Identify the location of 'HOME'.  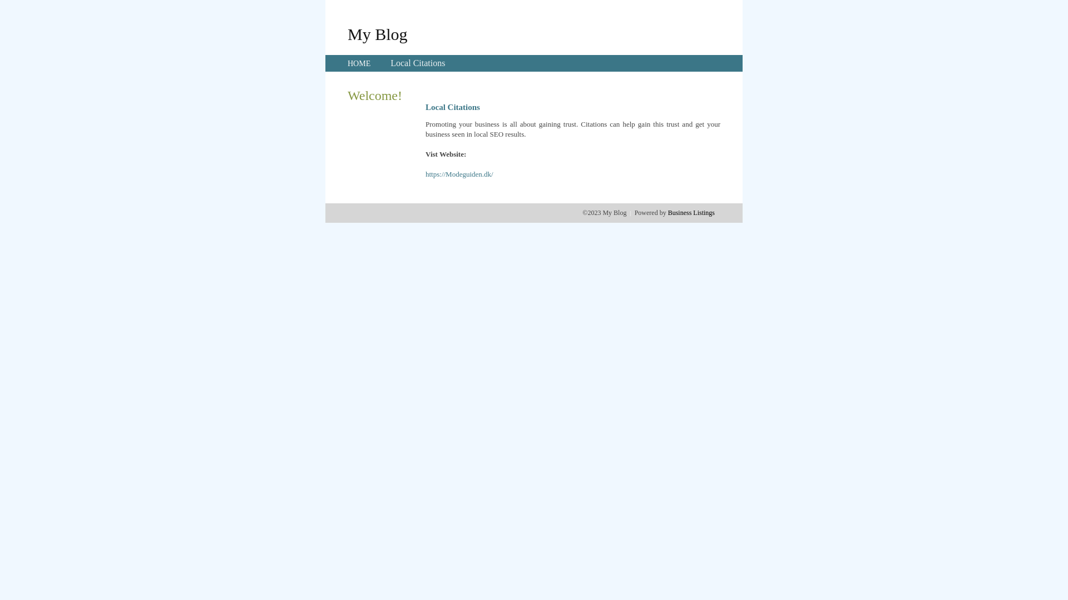
(359, 63).